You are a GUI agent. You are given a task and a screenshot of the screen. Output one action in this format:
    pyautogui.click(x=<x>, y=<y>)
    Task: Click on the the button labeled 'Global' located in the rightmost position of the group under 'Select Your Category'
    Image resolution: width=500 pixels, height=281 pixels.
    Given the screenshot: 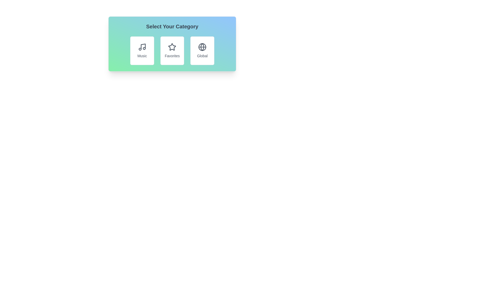 What is the action you would take?
    pyautogui.click(x=202, y=51)
    